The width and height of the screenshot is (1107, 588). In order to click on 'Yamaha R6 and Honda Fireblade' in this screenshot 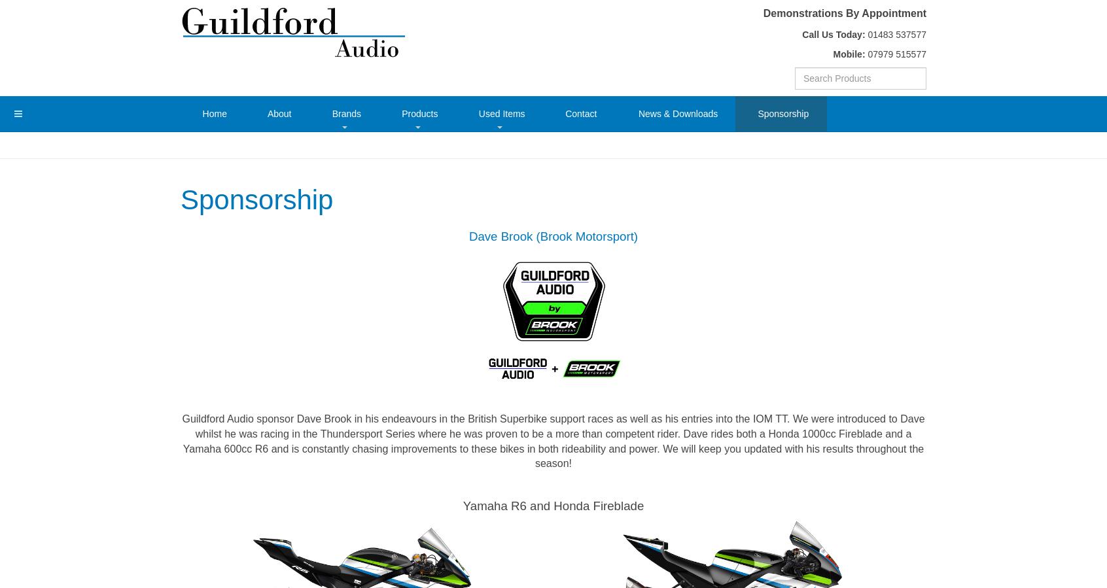, I will do `click(553, 506)`.